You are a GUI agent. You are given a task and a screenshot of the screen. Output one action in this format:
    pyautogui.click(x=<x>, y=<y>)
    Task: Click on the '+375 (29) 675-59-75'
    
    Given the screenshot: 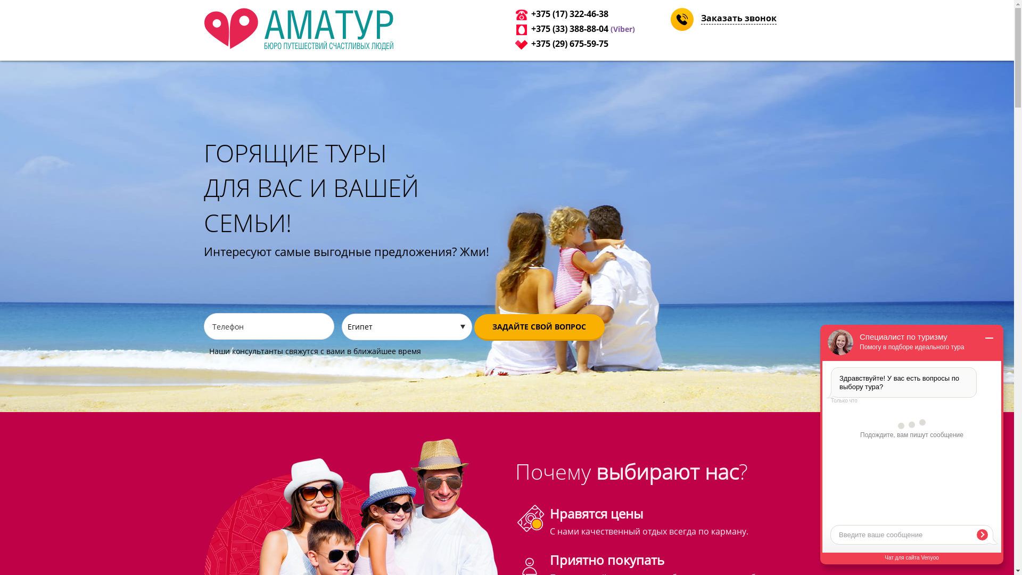 What is the action you would take?
    pyautogui.click(x=531, y=43)
    